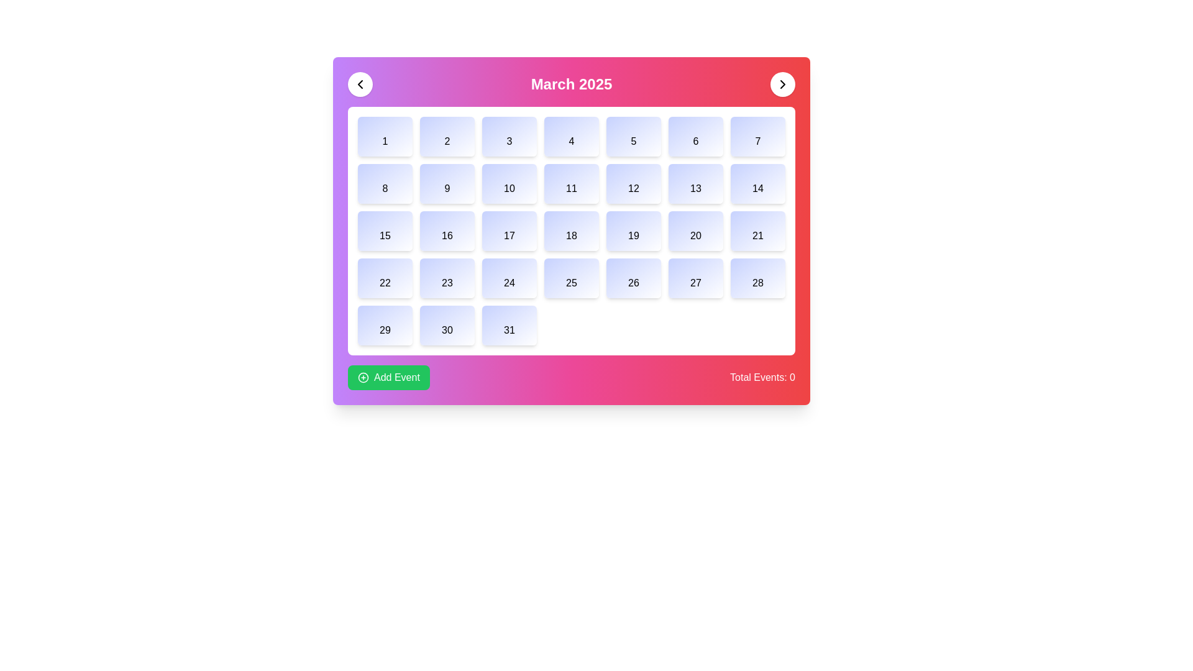 This screenshot has height=671, width=1193. What do you see at coordinates (384, 231) in the screenshot?
I see `the calendar day tile located in the third row and first column of the calendar grid` at bounding box center [384, 231].